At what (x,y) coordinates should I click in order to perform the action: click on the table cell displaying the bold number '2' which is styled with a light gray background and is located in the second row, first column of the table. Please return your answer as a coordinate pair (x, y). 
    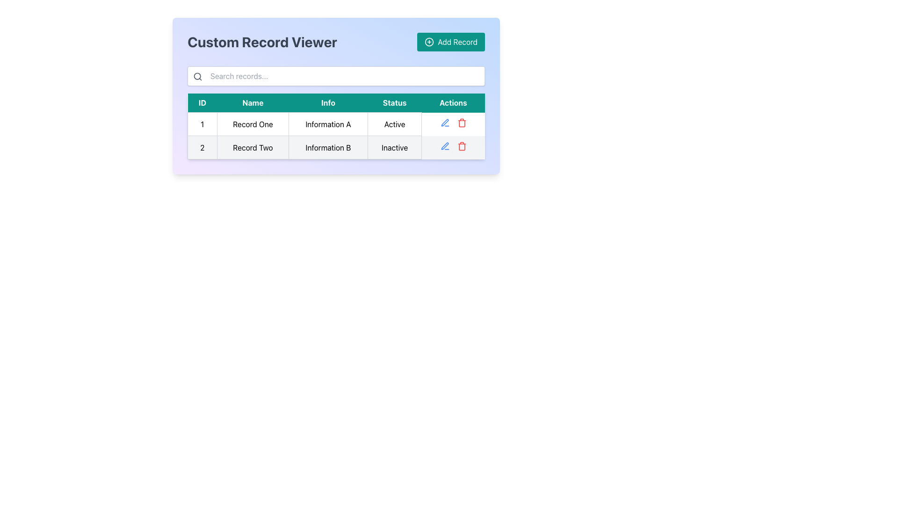
    Looking at the image, I should click on (202, 147).